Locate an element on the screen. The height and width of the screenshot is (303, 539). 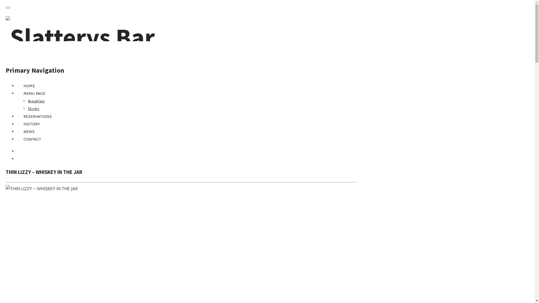
'BINATE DIGITAL' is located at coordinates (17, 151).